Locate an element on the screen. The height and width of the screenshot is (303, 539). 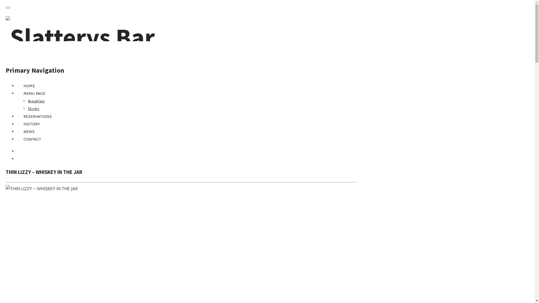
'BINATE DIGITAL' is located at coordinates (17, 151).